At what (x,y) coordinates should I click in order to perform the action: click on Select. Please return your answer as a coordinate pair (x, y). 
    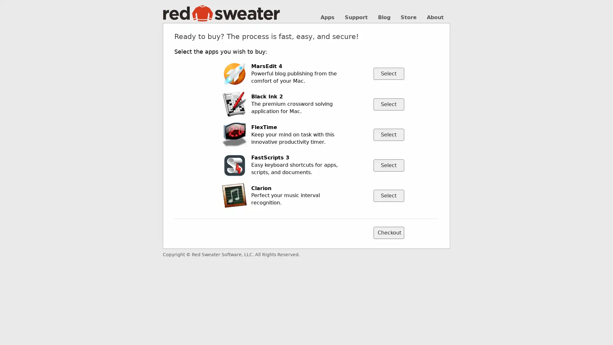
    Looking at the image, I should click on (388, 165).